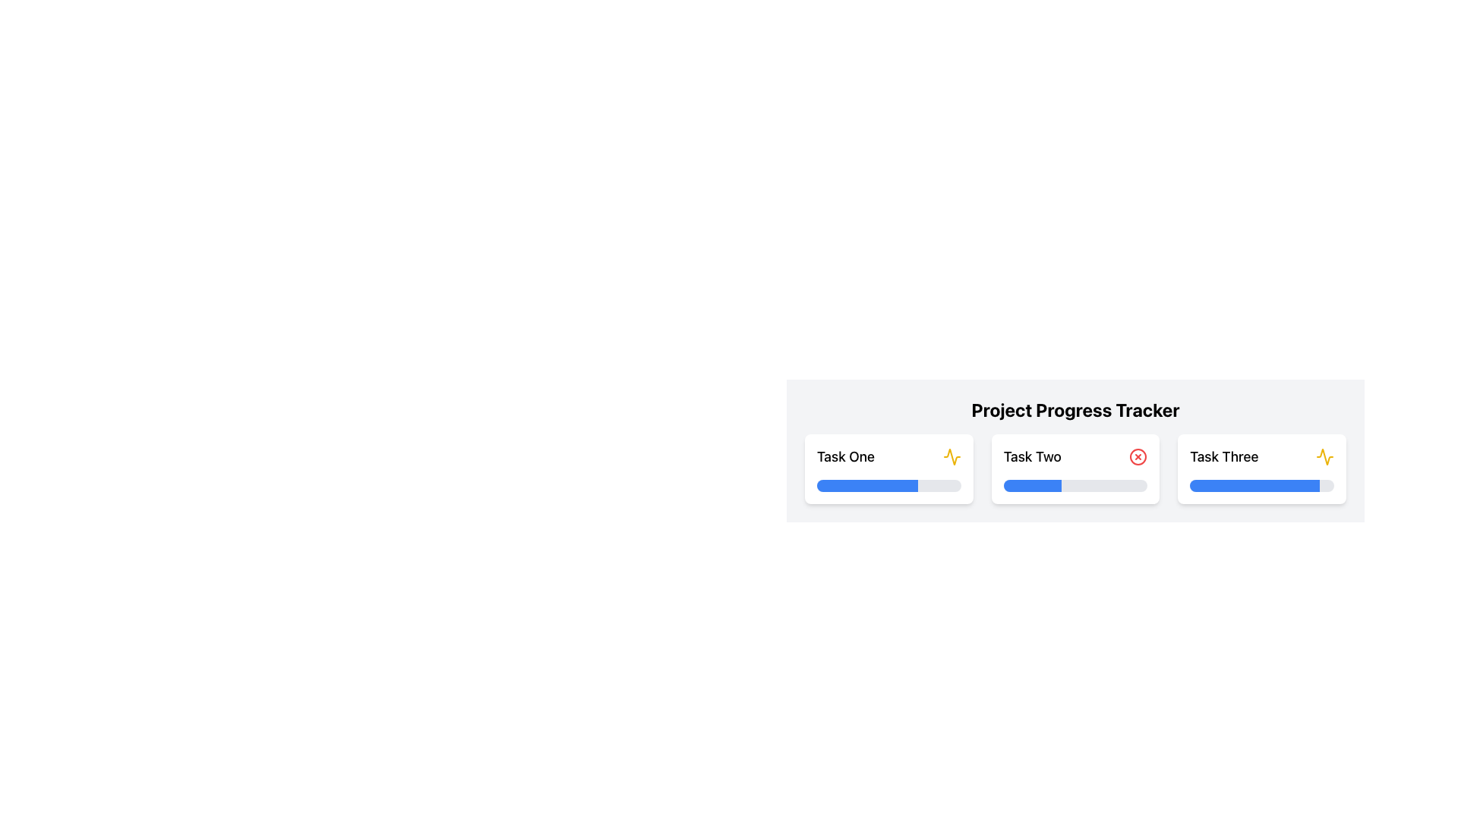 The image size is (1458, 820). I want to click on the yellow line graph icon located to the right of the text 'Task Three' in the task series, so click(1324, 456).